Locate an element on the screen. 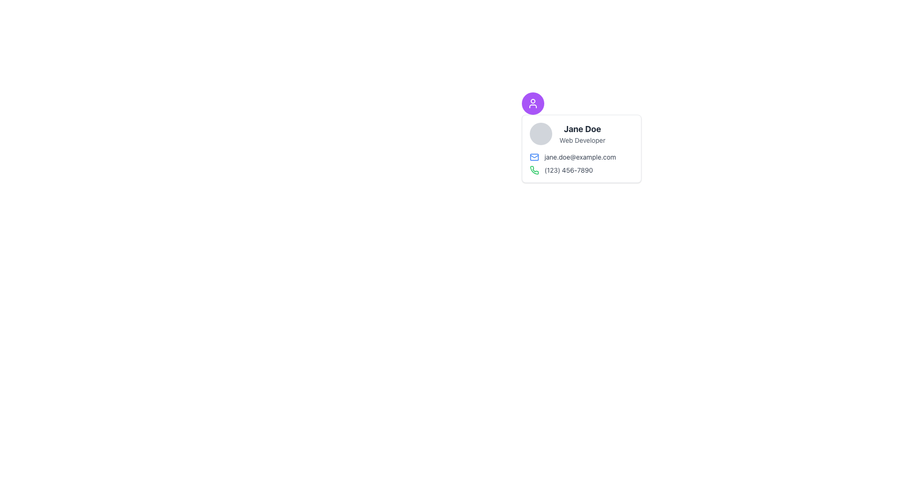 The width and height of the screenshot is (897, 504). the email address text displayed in the middle area of the card section, next to the envelope icon, and copy it is located at coordinates (580, 156).